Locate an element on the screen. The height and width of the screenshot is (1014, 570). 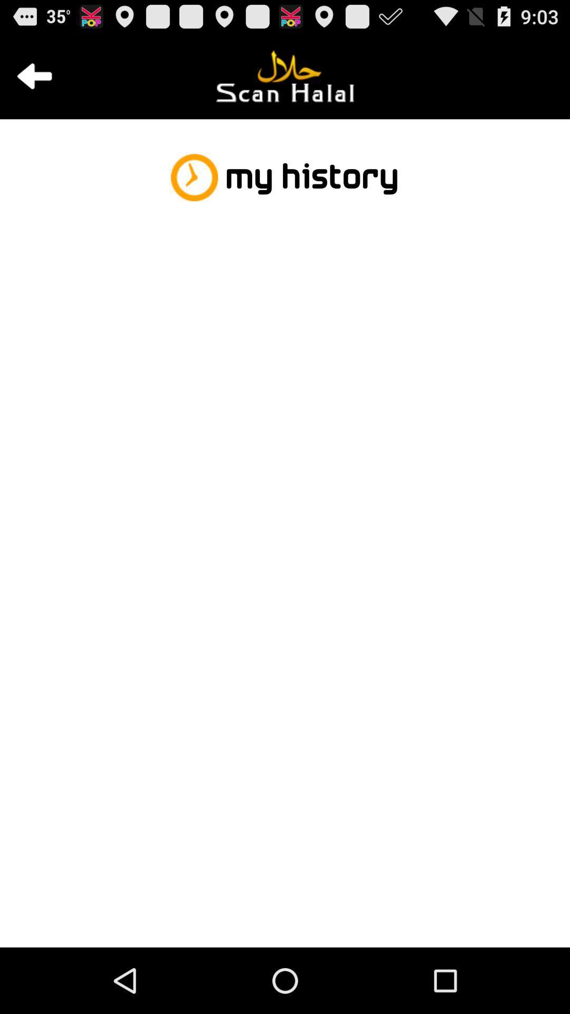
the arrow_backward icon is located at coordinates (34, 81).